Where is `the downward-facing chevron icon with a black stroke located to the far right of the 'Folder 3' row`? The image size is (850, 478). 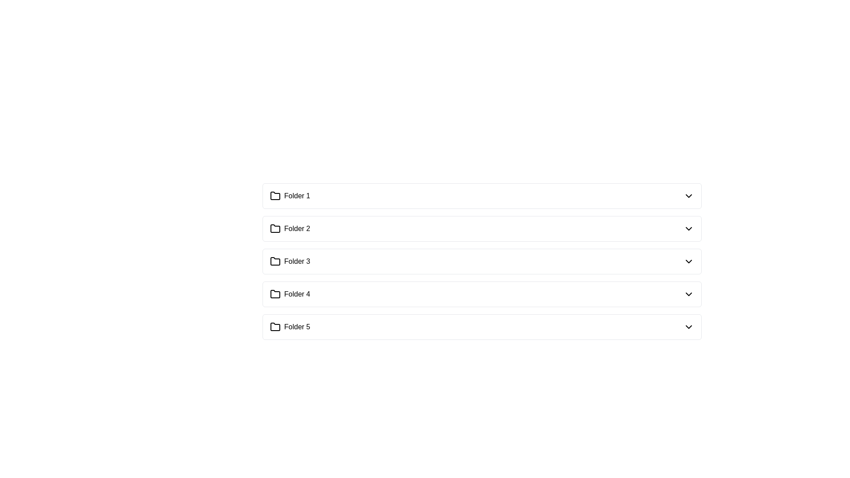
the downward-facing chevron icon with a black stroke located to the far right of the 'Folder 3' row is located at coordinates (688, 261).